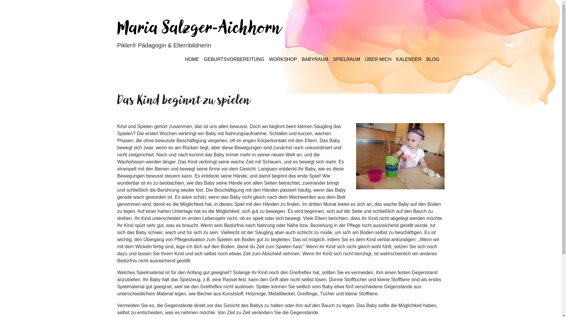 The width and height of the screenshot is (566, 318). I want to click on 'SPIELRAUM', so click(347, 59).